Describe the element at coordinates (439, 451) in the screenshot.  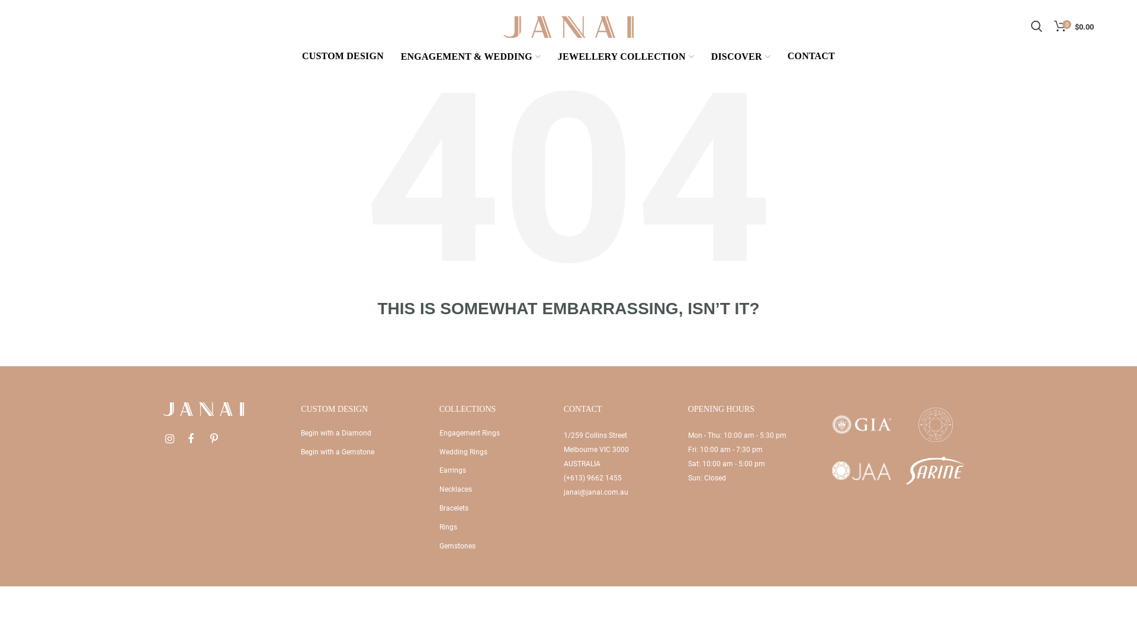
I see `'Wedding Rings'` at that location.